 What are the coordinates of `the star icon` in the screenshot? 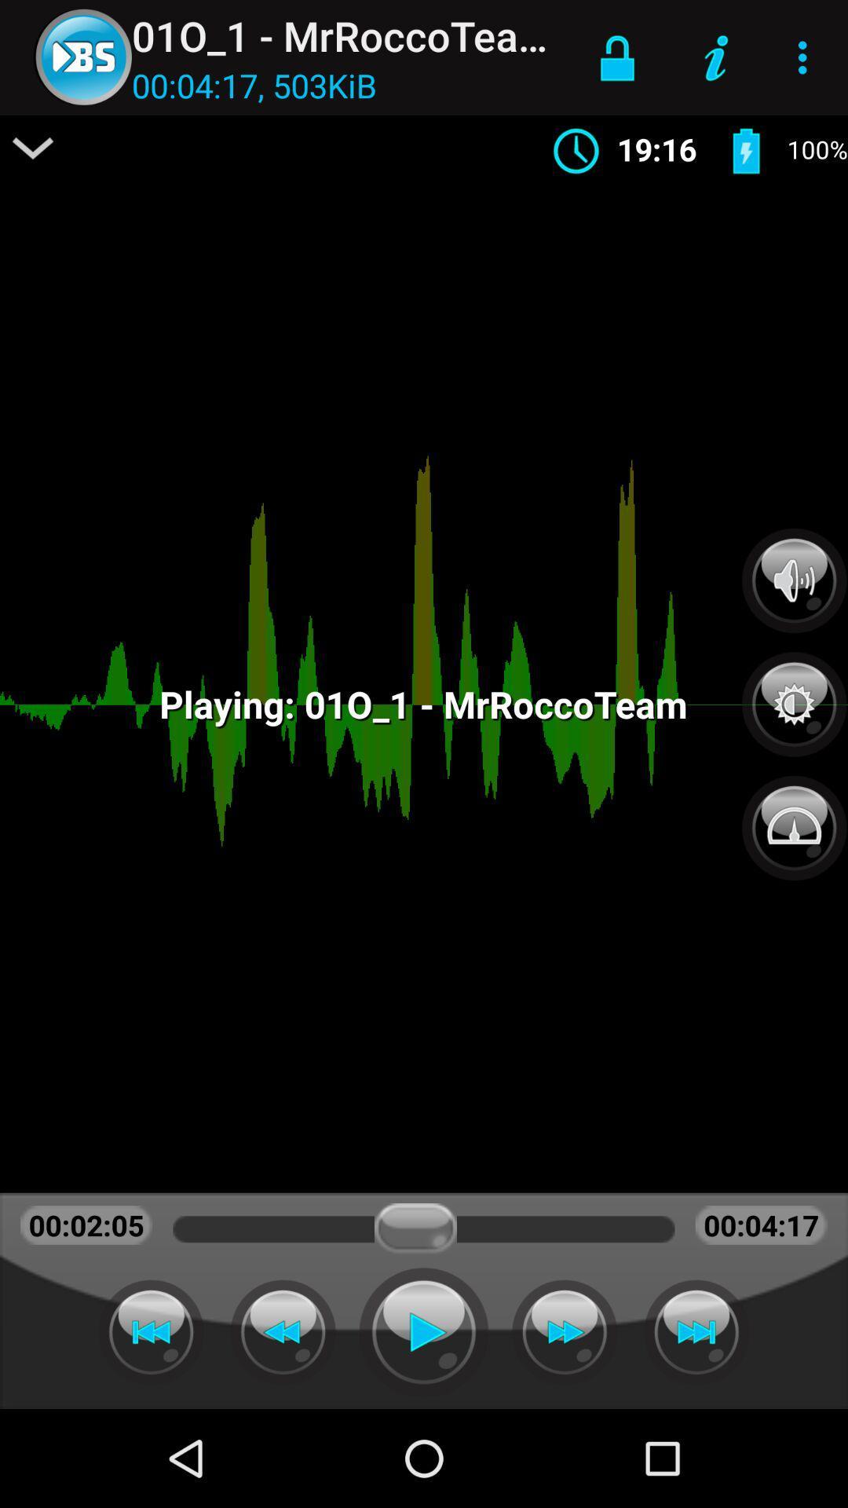 It's located at (794, 695).